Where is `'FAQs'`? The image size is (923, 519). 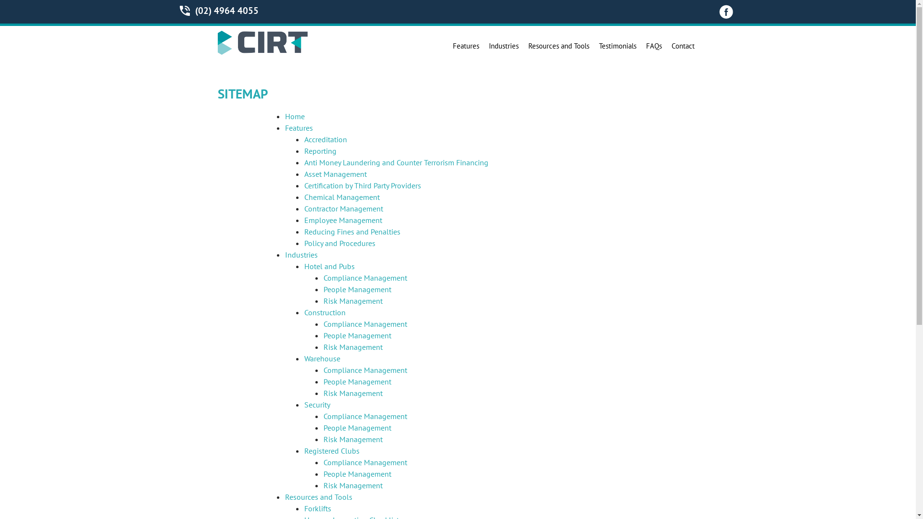
'FAQs' is located at coordinates (654, 46).